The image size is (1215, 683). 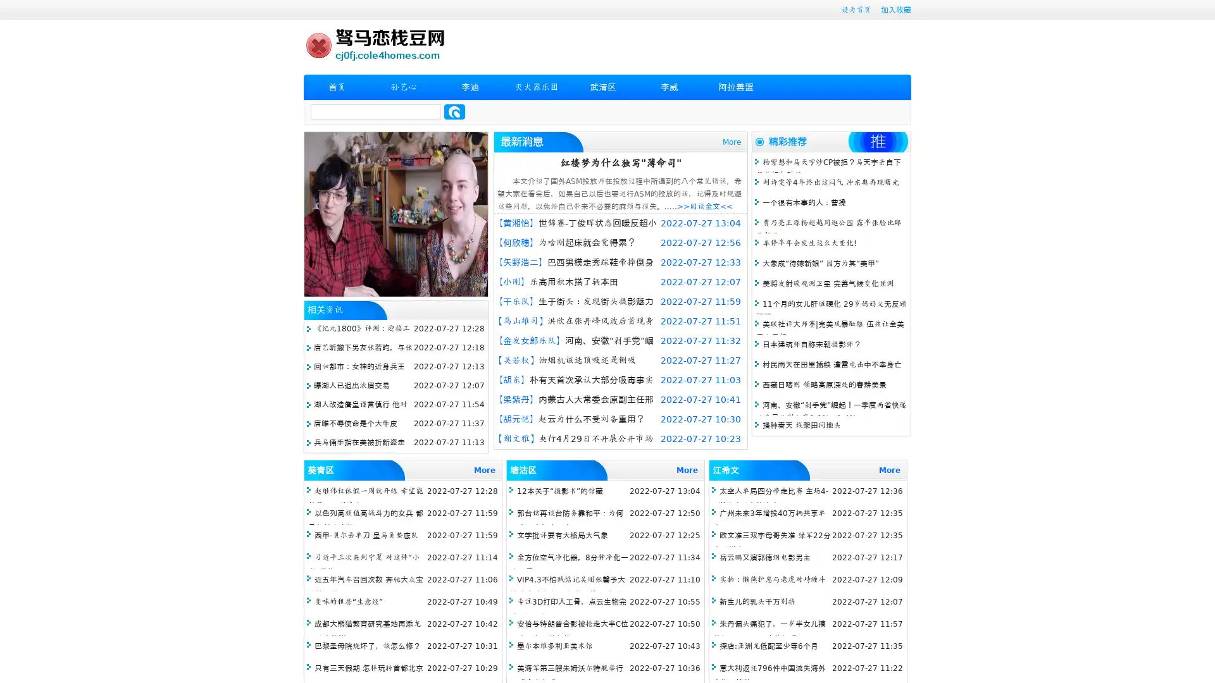 I want to click on Search, so click(x=454, y=111).